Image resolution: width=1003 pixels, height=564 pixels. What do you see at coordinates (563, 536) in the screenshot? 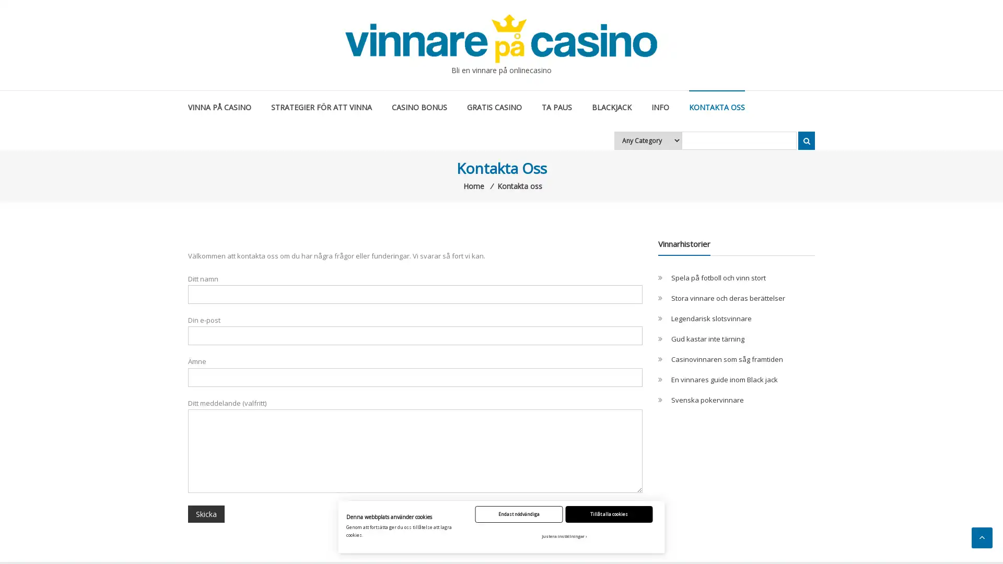
I see `Justera installningar` at bounding box center [563, 536].